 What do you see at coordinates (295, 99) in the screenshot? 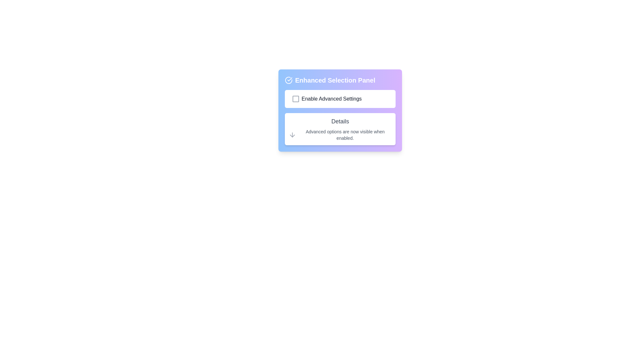
I see `the checkbox located to the left of the text 'Enable Advanced Settings' in the 'Enhanced Selection Panel'` at bounding box center [295, 99].